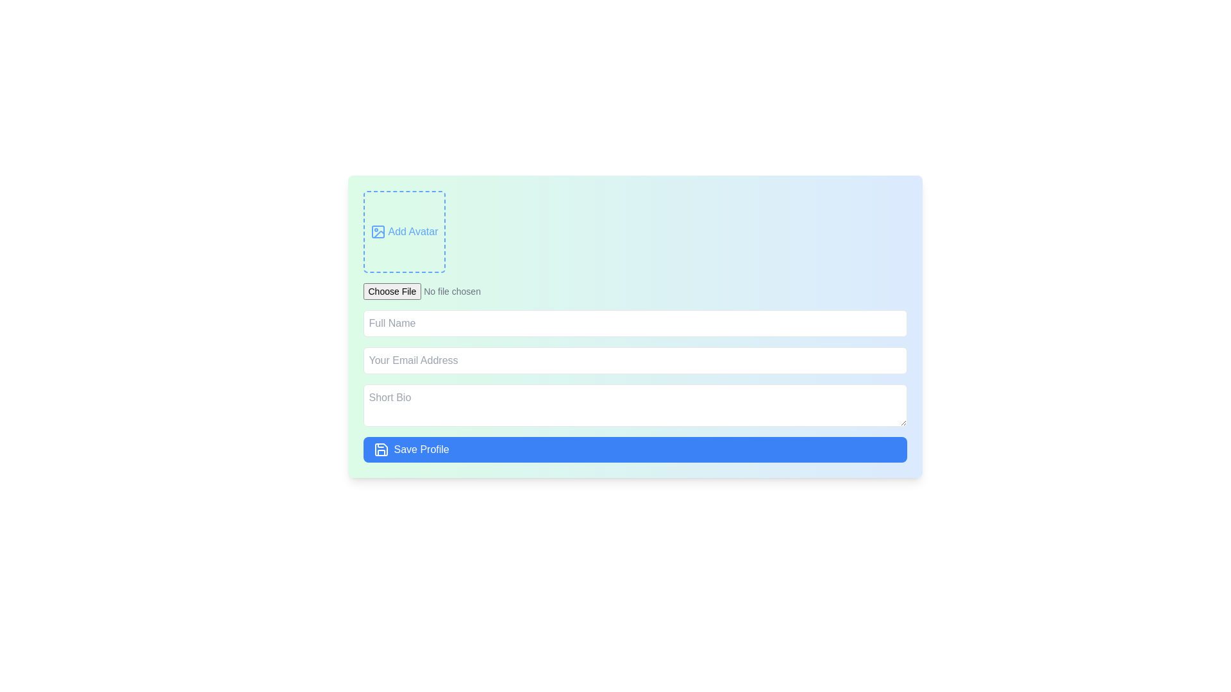  Describe the element at coordinates (635, 323) in the screenshot. I see `the text input field for full name by pressing the tab key to focus on it` at that location.